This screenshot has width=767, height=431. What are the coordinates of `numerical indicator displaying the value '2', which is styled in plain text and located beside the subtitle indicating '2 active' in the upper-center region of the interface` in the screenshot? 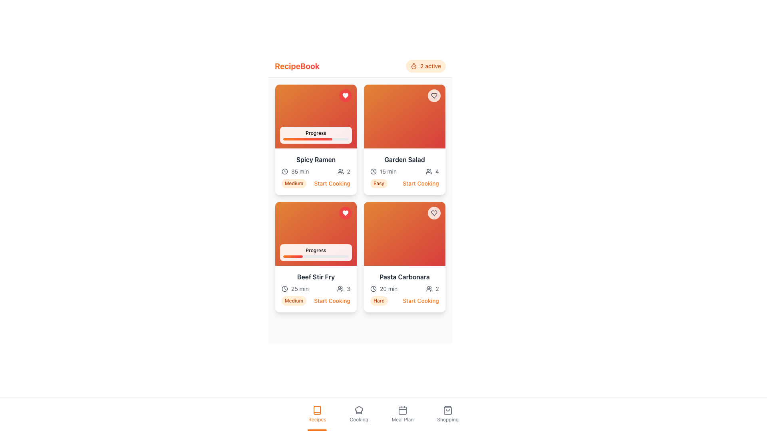 It's located at (437, 289).